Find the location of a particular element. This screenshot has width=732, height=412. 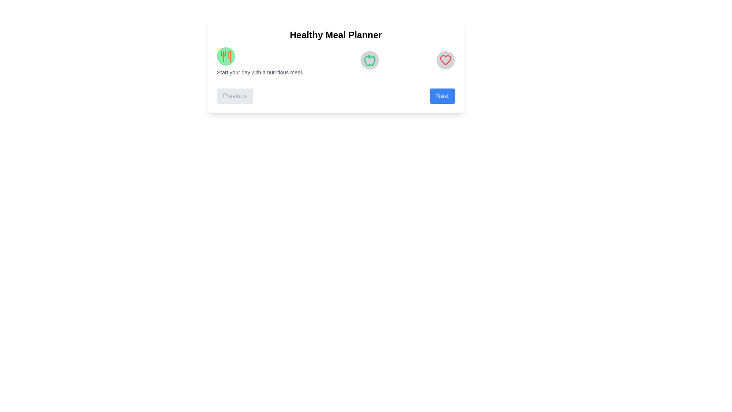

'Next' button to navigate to the next step is located at coordinates (442, 95).